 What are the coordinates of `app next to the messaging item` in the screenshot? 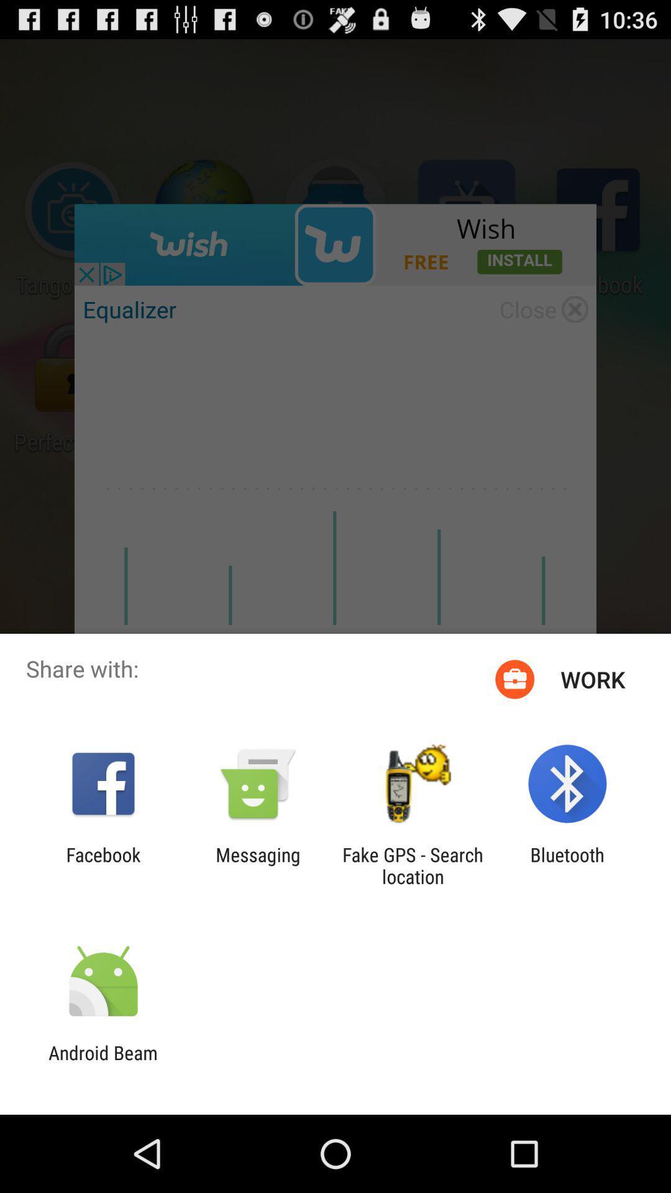 It's located at (103, 865).